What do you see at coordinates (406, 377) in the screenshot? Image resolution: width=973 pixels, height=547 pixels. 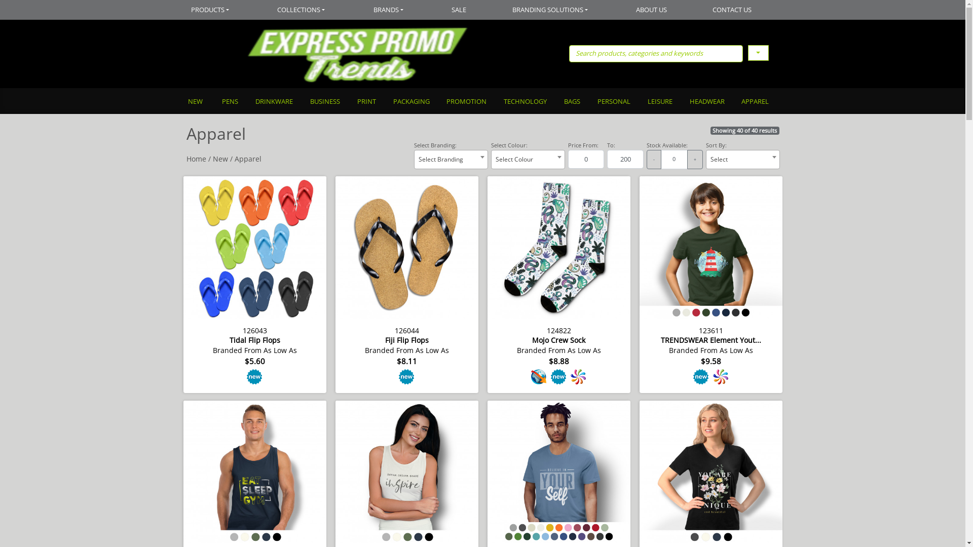 I see `'New Item.'` at bounding box center [406, 377].